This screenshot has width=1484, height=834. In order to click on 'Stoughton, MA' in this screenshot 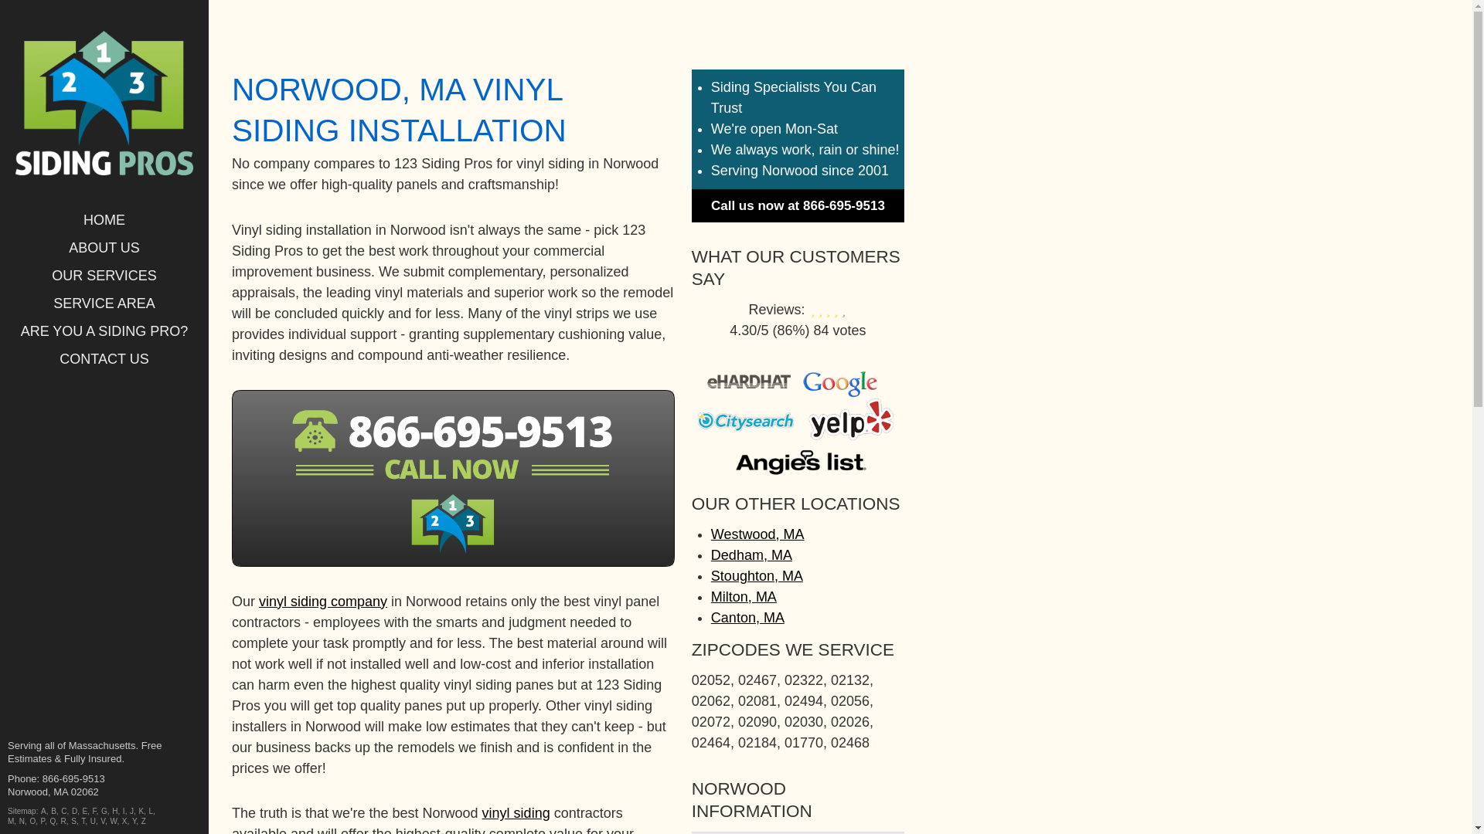, I will do `click(757, 575)`.